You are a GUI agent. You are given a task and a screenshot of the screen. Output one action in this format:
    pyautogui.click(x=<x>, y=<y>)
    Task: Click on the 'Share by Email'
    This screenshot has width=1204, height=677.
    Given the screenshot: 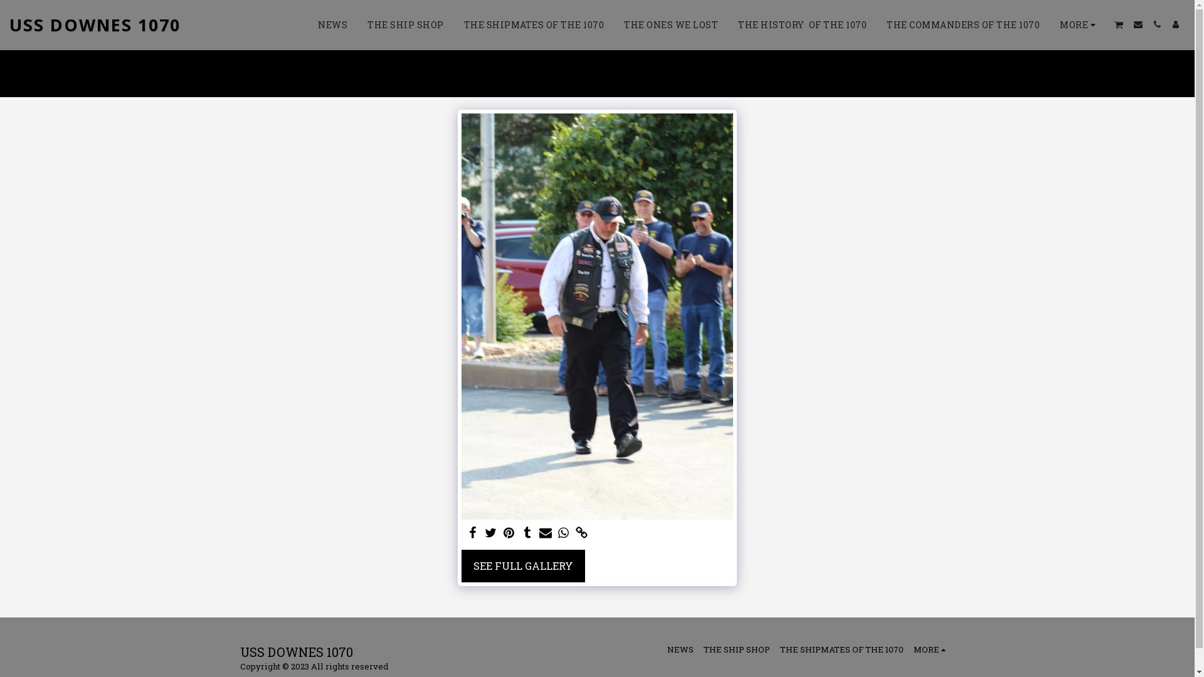 What is the action you would take?
    pyautogui.click(x=539, y=533)
    